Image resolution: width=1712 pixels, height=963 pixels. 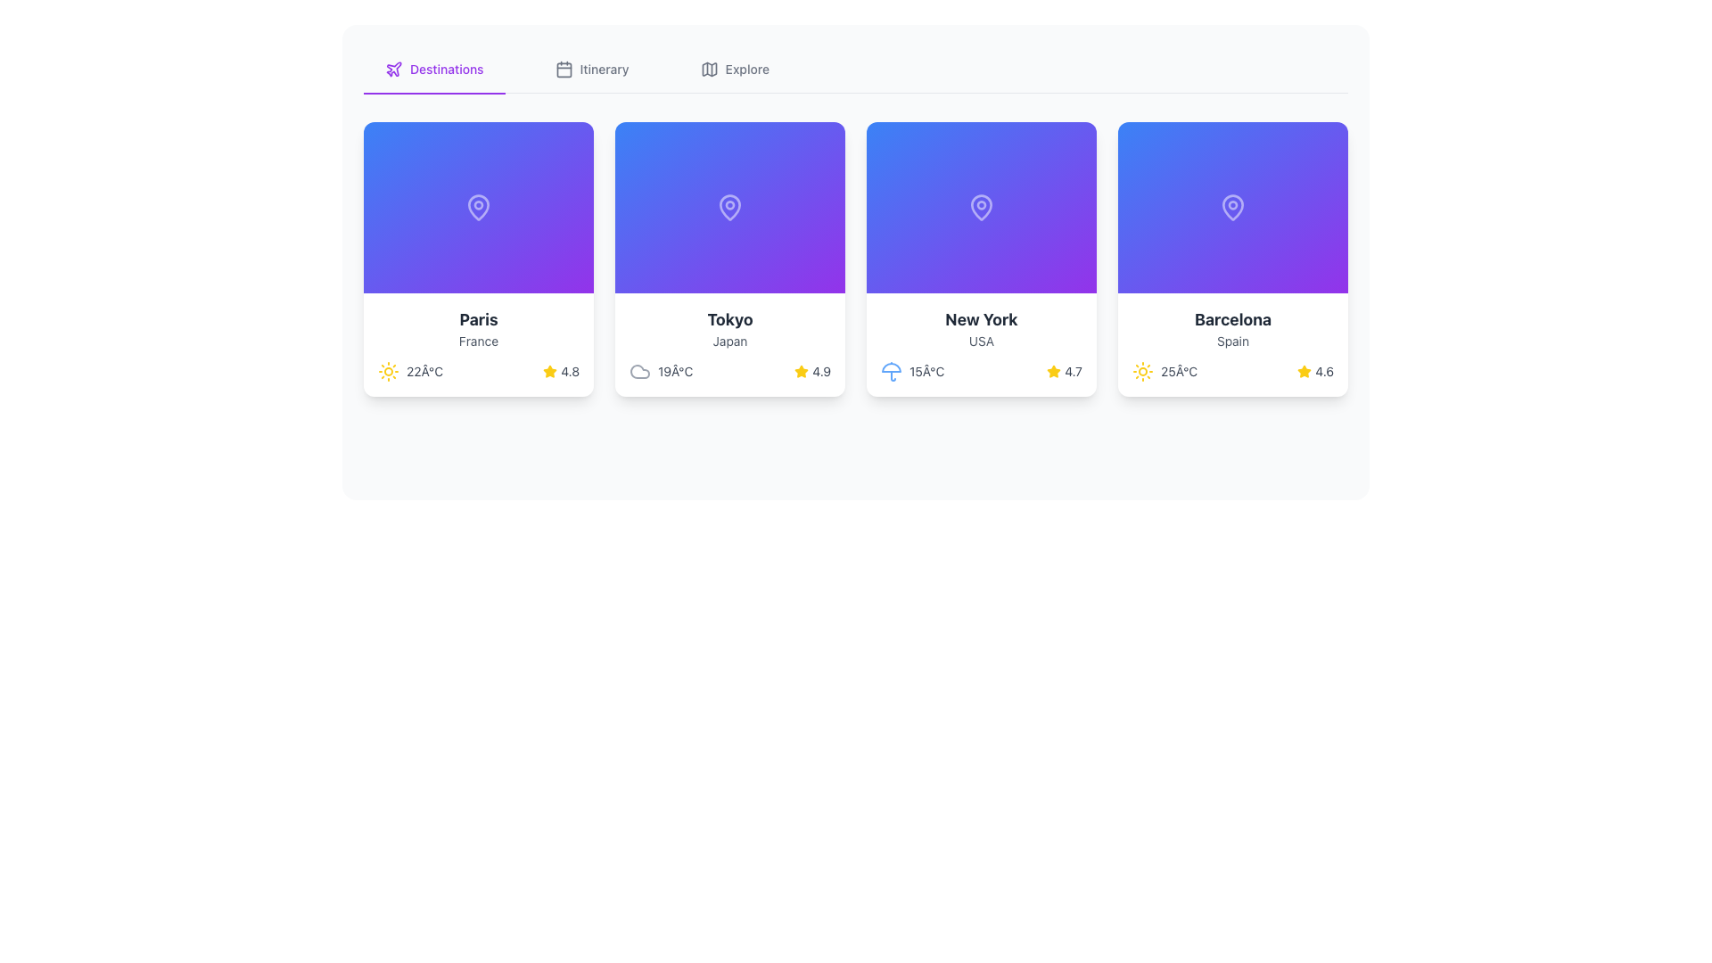 What do you see at coordinates (1231, 370) in the screenshot?
I see `the weather information display for Barcelona, which includes a sun icon, temperature '25°C', a star icon, and rating '4.6'` at bounding box center [1231, 370].